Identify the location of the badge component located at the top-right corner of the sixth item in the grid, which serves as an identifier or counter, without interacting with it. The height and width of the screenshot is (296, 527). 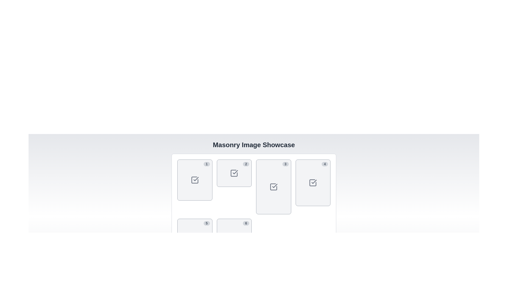
(246, 223).